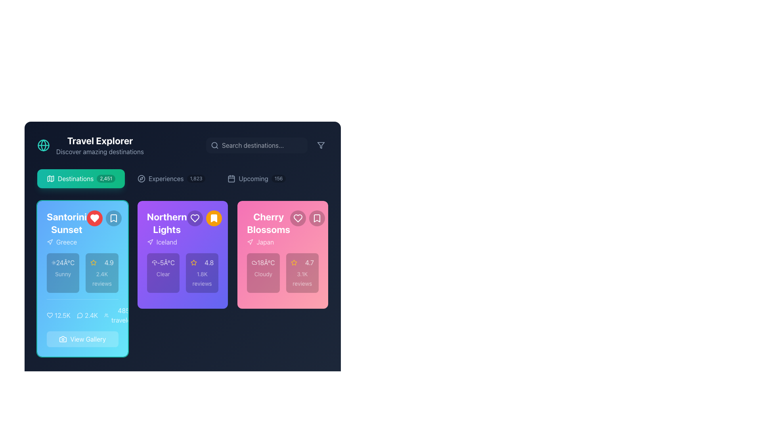  I want to click on the grid-based informational display component that shows the temperature '18°C', weather condition 'Cloudy', rating '4.7', and '3.1K reviews' located in the 'Cherry Blossoms' card, so click(283, 273).